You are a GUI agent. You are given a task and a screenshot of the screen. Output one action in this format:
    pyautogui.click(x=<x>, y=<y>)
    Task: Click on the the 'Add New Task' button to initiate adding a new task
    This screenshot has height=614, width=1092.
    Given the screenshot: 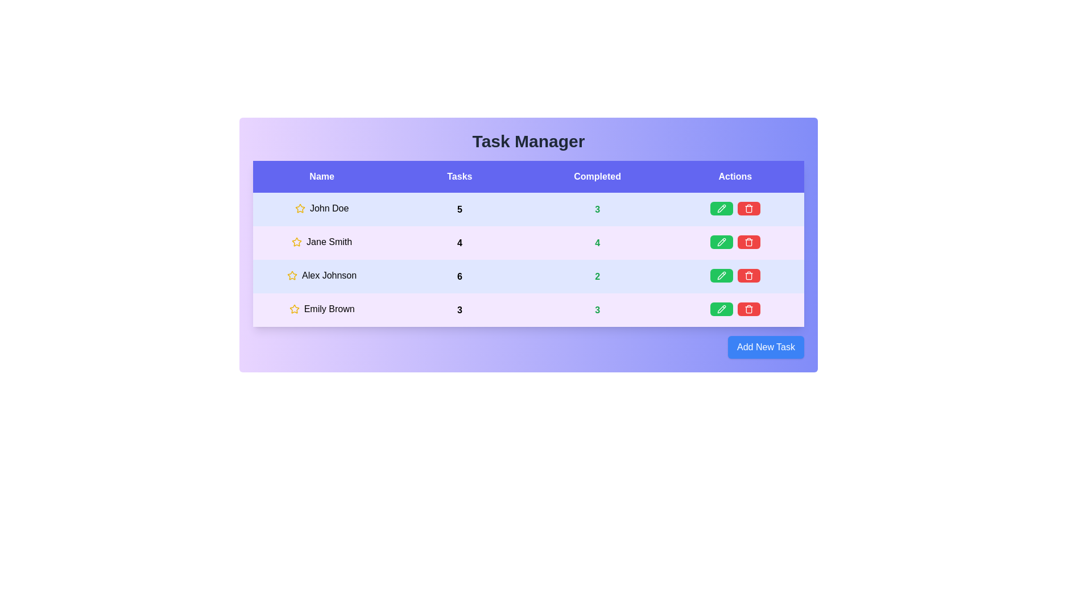 What is the action you would take?
    pyautogui.click(x=766, y=346)
    